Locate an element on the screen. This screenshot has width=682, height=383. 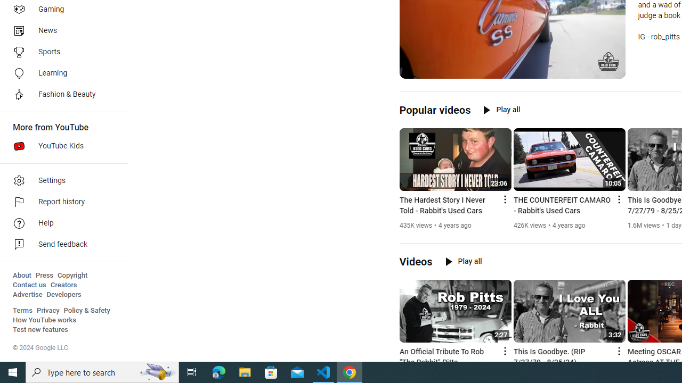
'Press' is located at coordinates (44, 275).